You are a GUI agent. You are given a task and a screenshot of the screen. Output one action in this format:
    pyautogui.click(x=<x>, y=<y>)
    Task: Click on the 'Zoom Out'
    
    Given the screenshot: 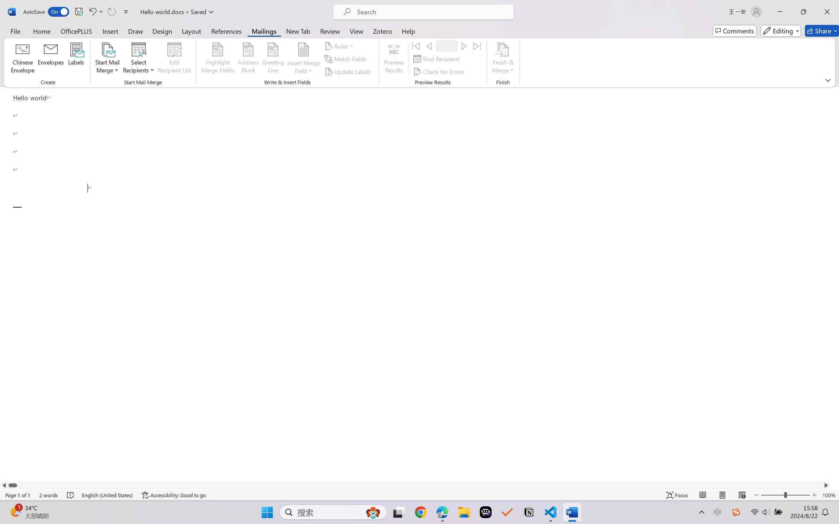 What is the action you would take?
    pyautogui.click(x=772, y=495)
    